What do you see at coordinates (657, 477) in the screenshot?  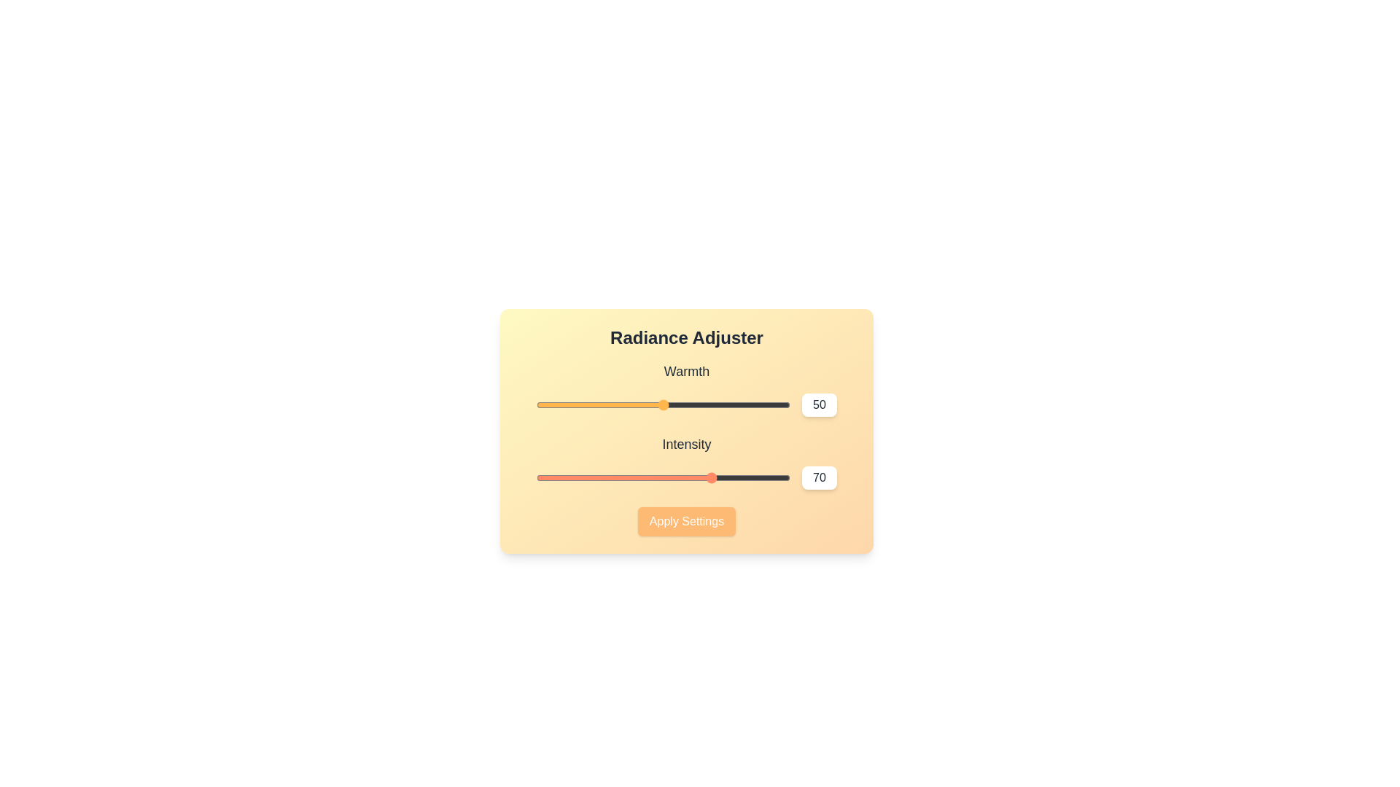 I see `the 'Intensity' slider to 48 value` at bounding box center [657, 477].